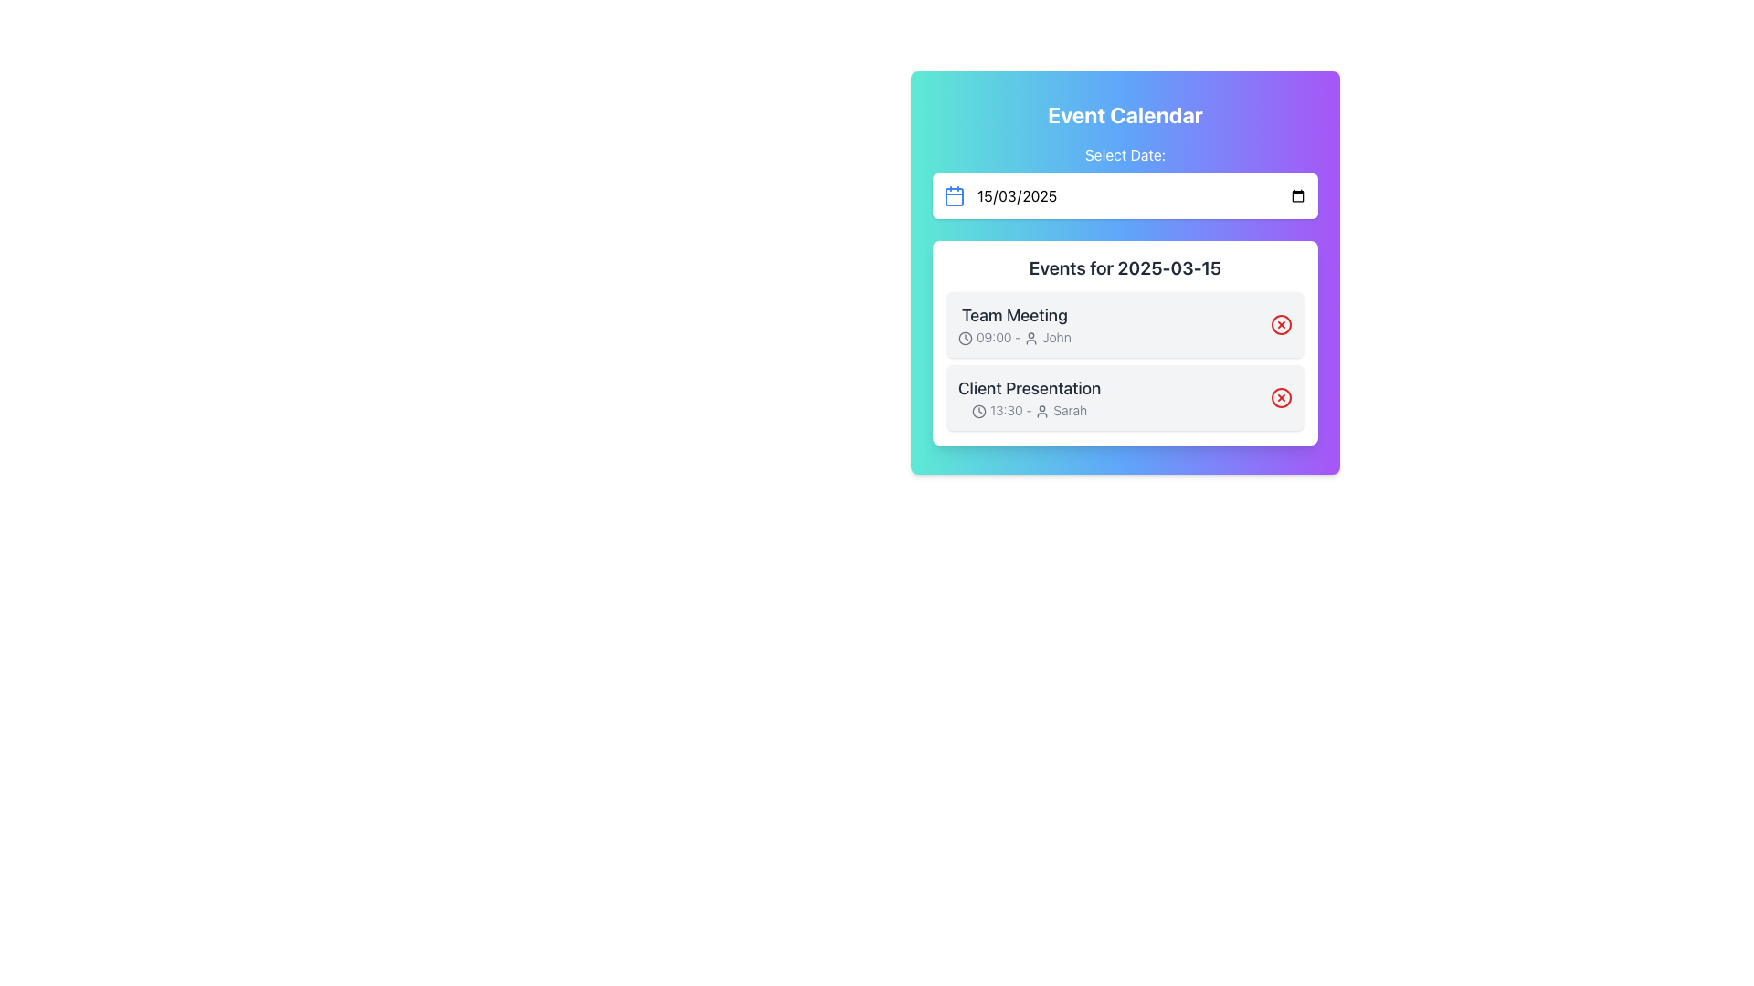 The height and width of the screenshot is (986, 1754). What do you see at coordinates (1125, 182) in the screenshot?
I see `the date field of the labeled date selector located below the 'Event Calendar' header` at bounding box center [1125, 182].